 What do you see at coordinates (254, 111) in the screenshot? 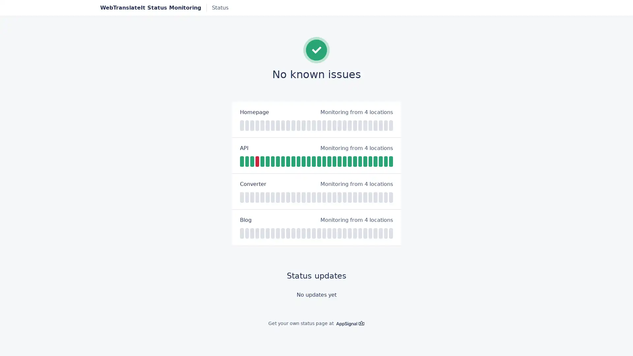
I see `Homepage` at bounding box center [254, 111].